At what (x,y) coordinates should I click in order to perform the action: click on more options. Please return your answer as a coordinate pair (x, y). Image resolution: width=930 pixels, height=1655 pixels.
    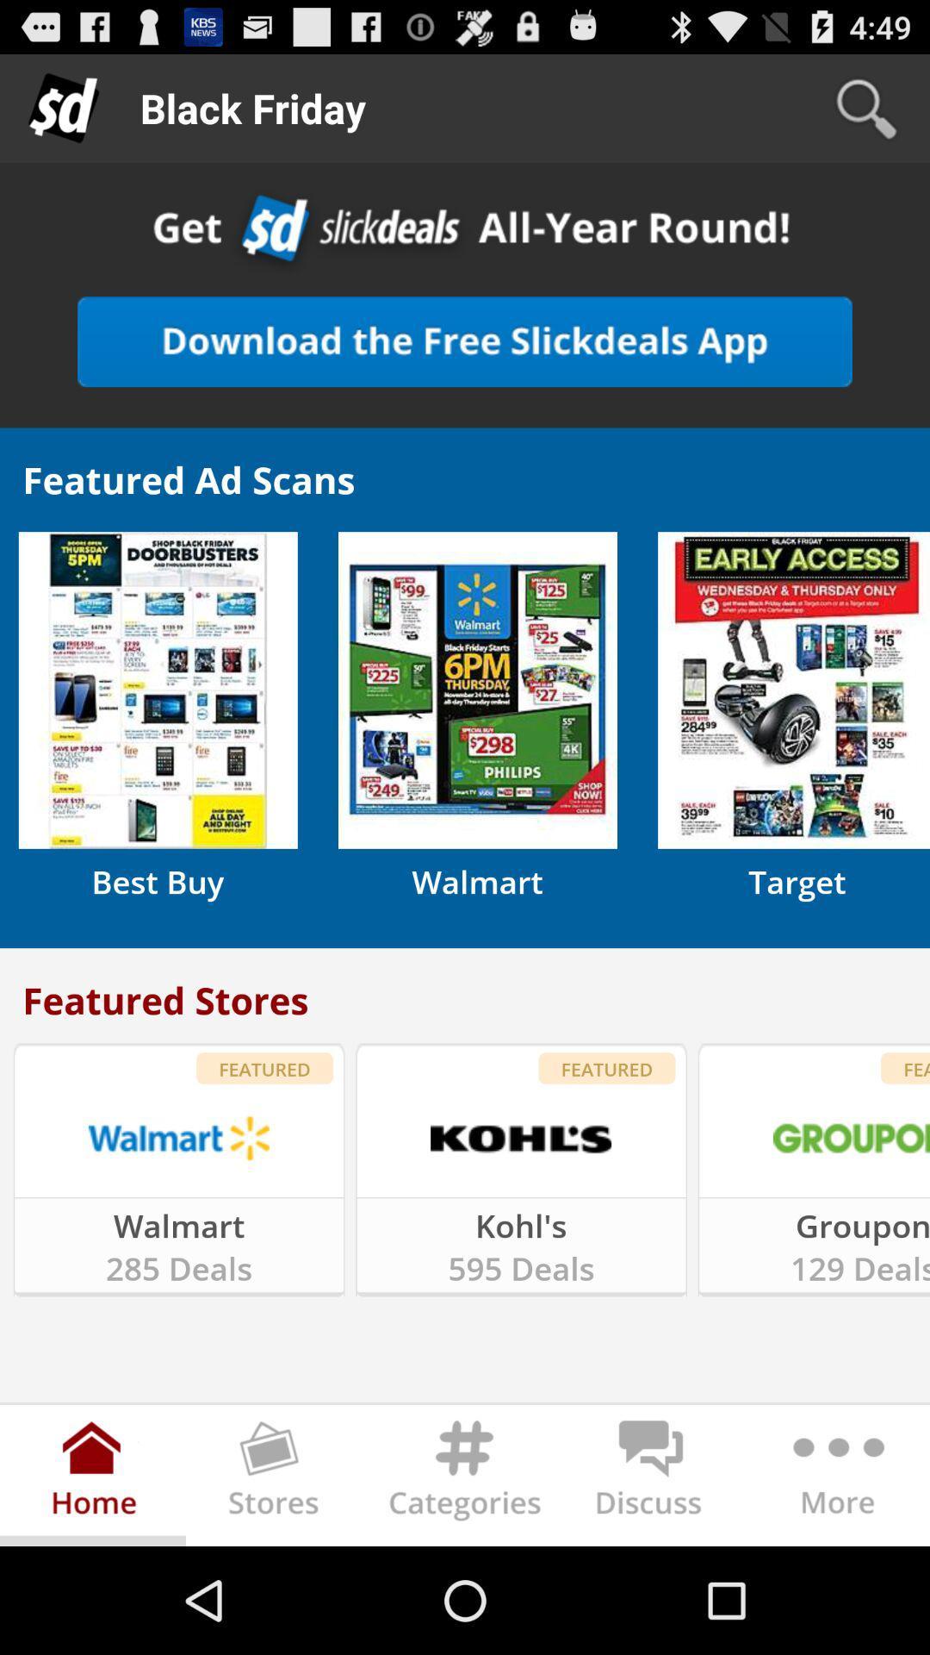
    Looking at the image, I should click on (835, 1477).